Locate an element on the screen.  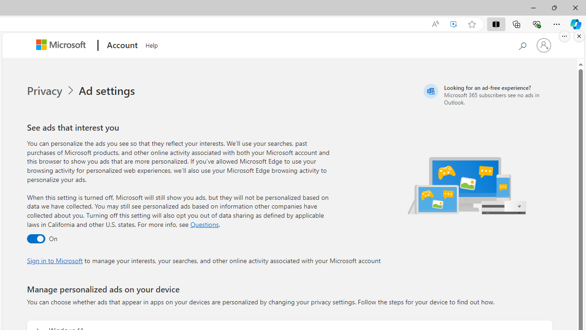
'Go to Questions section' is located at coordinates (204, 224).